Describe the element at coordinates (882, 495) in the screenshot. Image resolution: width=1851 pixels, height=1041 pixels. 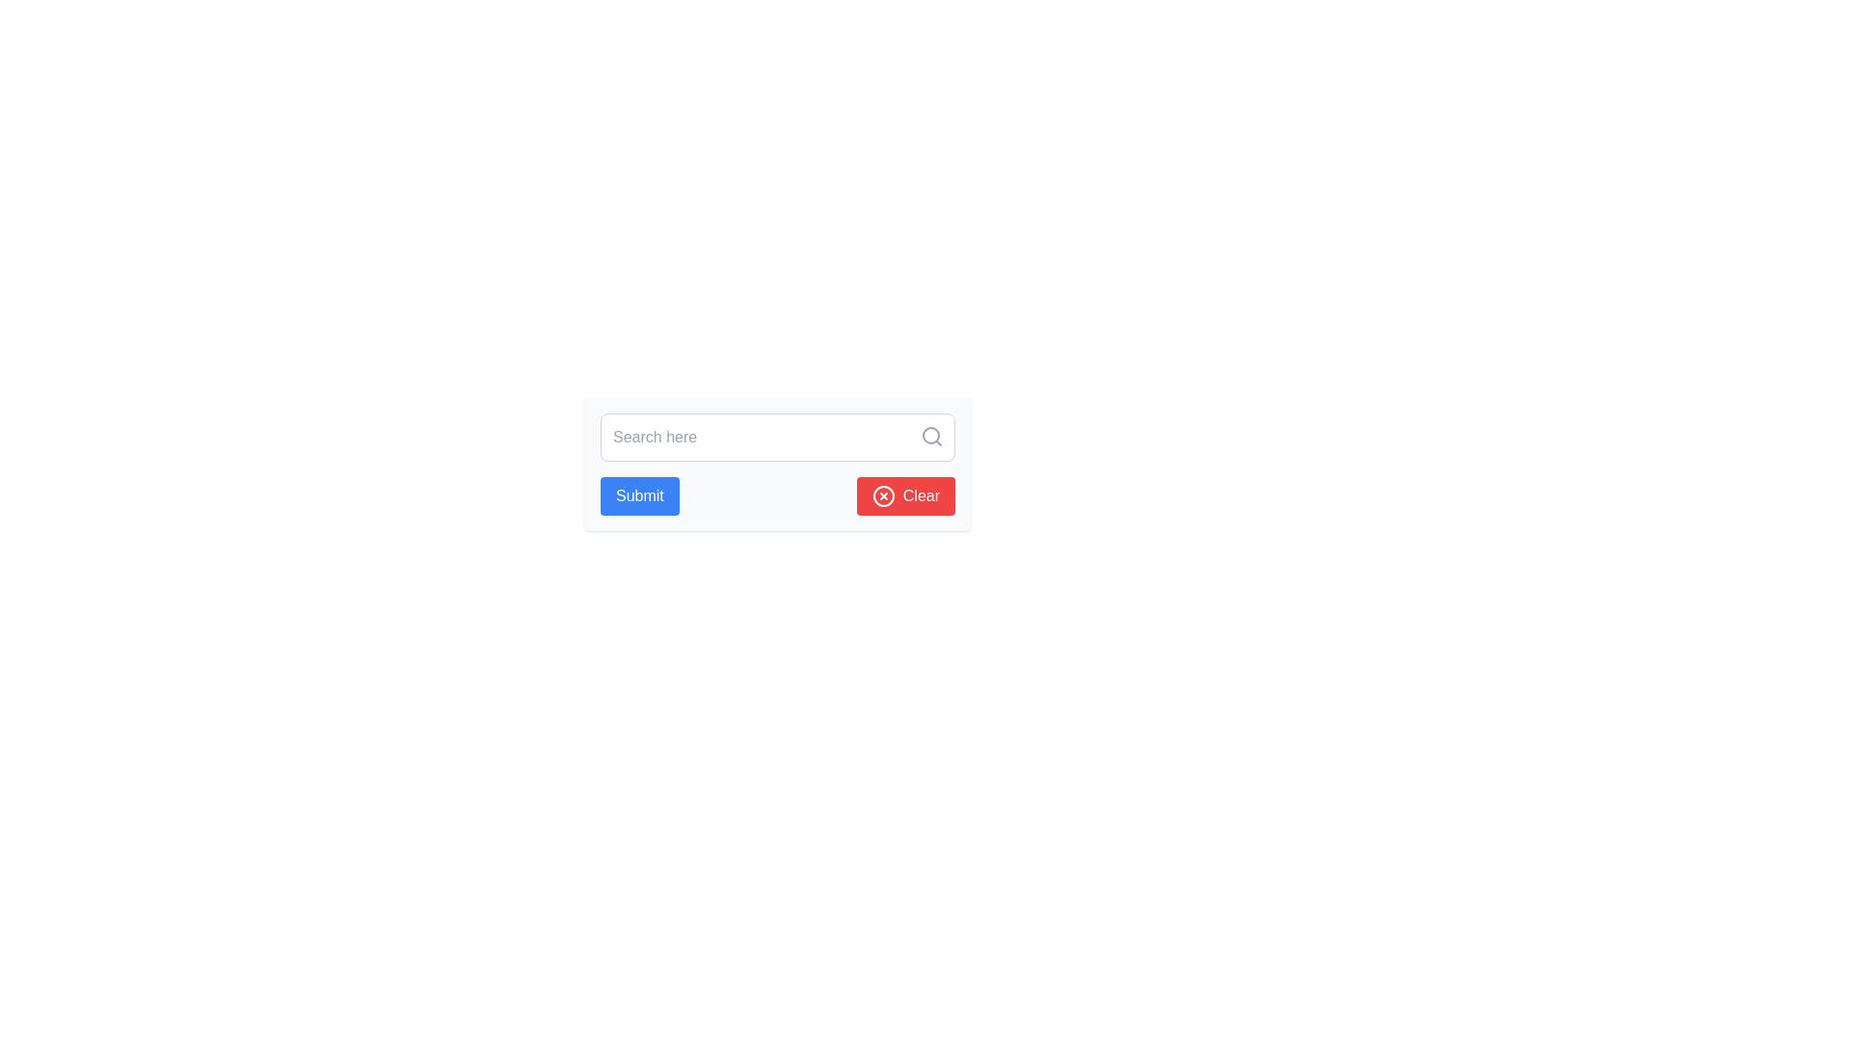
I see `the decorative circular icon located within the red 'Clear' button, which is positioned towards the right of the interface, aligned horizontally with the search bar and submit button` at that location.